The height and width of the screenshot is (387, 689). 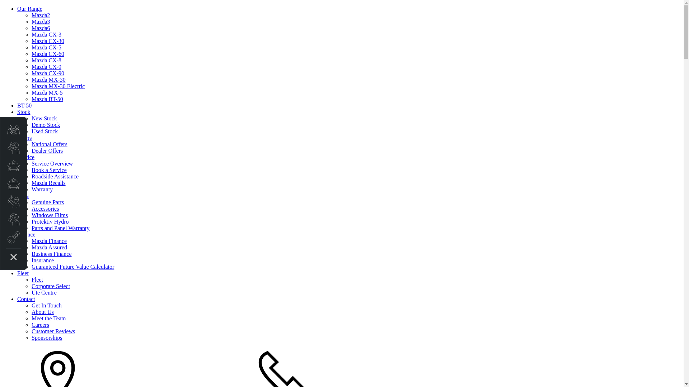 I want to click on 'BT-50', so click(x=24, y=105).